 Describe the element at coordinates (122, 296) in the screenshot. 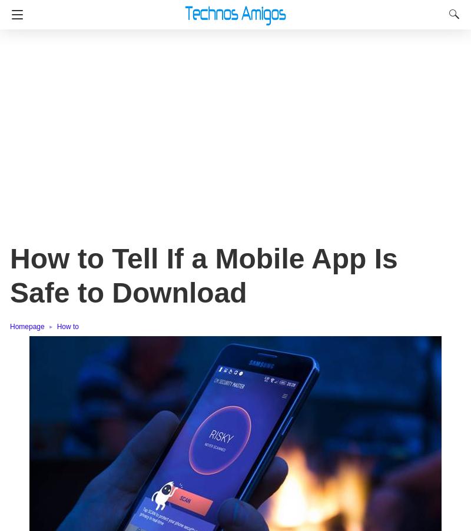

I see `'Permission to run network services'` at that location.